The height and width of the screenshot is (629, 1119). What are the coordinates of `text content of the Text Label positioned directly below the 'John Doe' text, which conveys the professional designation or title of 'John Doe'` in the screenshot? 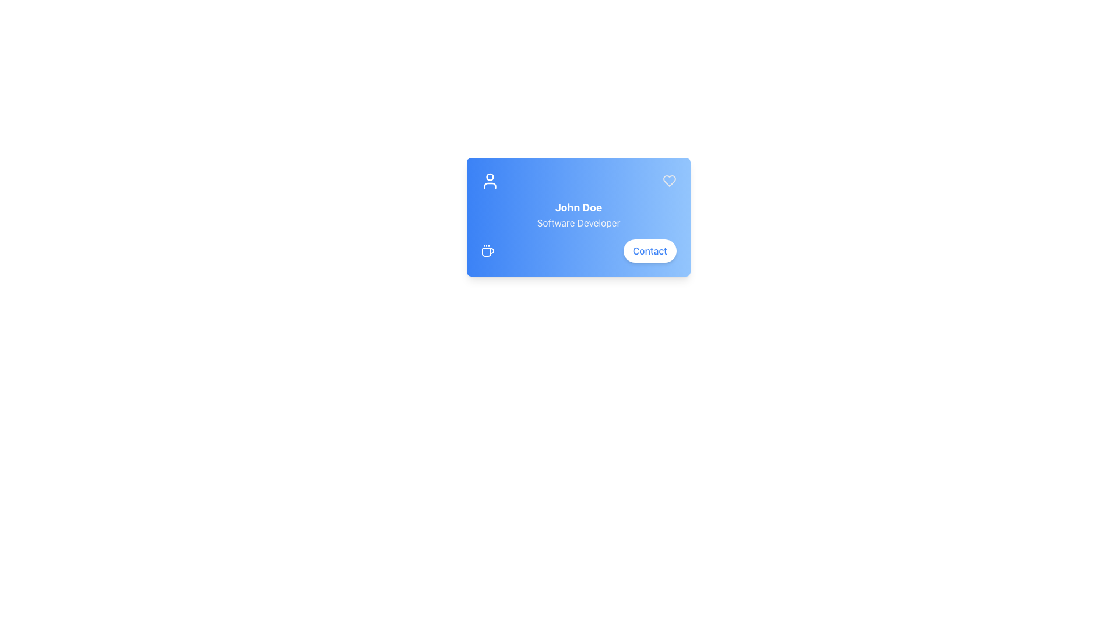 It's located at (579, 222).